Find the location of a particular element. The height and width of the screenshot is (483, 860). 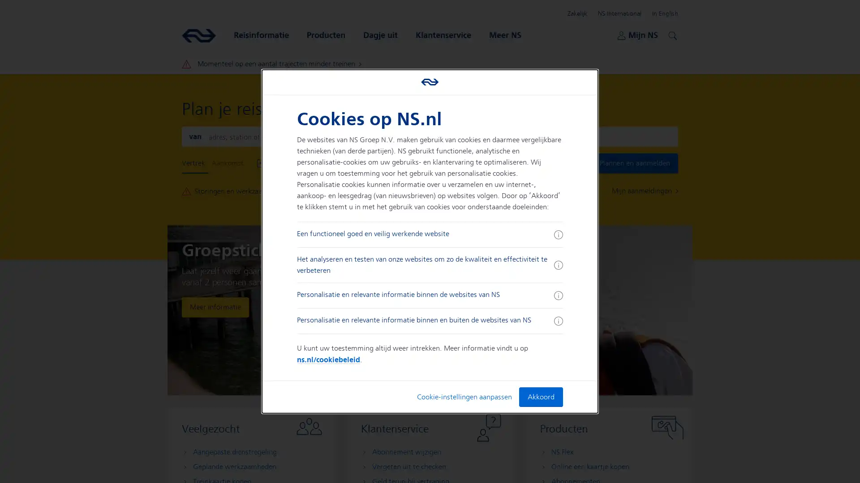

Toon Opties is located at coordinates (410, 163).